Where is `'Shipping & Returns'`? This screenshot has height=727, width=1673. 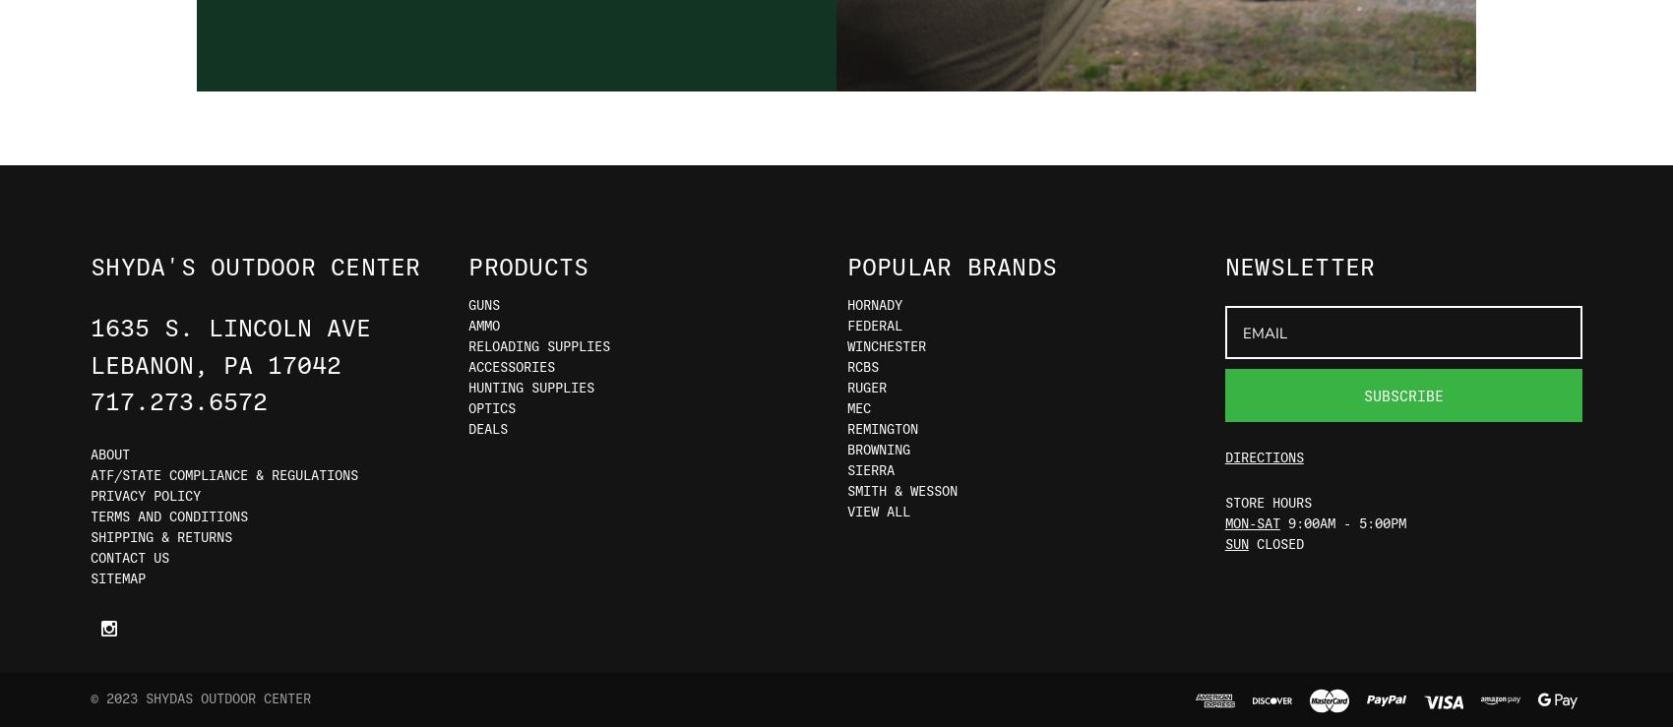
'Shipping & Returns' is located at coordinates (90, 535).